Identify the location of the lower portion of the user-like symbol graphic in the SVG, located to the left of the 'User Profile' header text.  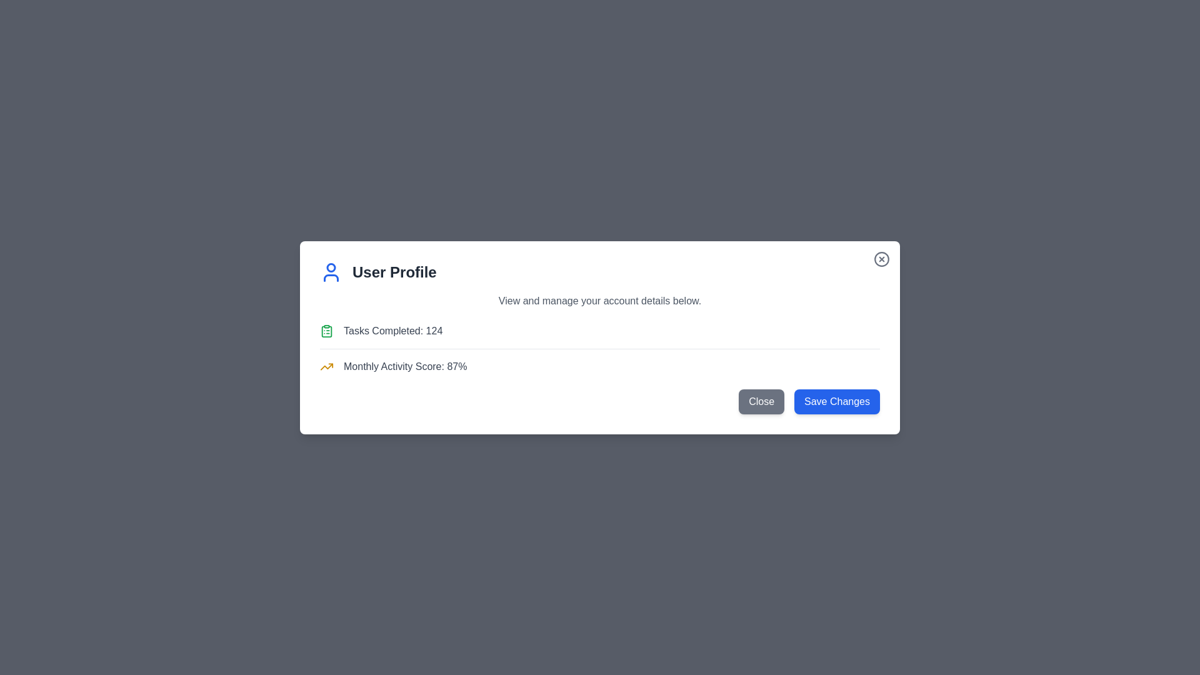
(331, 277).